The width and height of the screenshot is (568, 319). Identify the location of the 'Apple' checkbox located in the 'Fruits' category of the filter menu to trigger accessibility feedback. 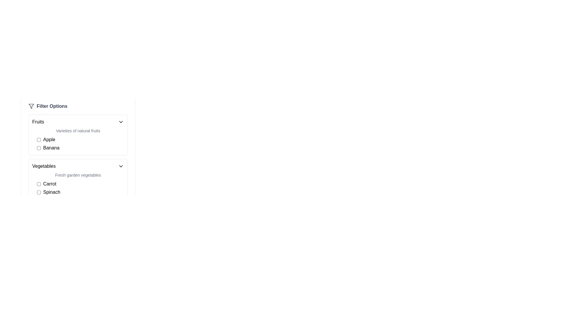
(80, 140).